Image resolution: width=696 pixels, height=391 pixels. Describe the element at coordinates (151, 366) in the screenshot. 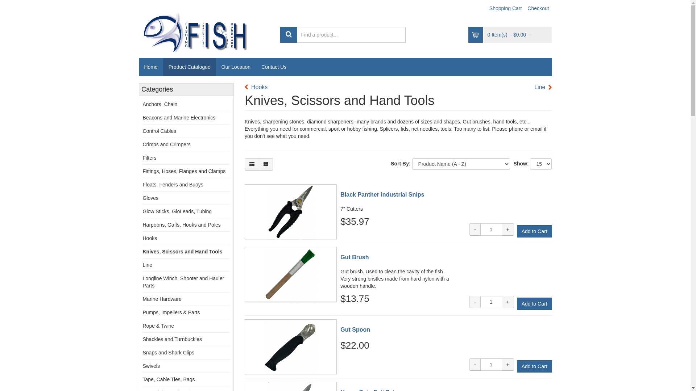

I see `'Swivels'` at that location.